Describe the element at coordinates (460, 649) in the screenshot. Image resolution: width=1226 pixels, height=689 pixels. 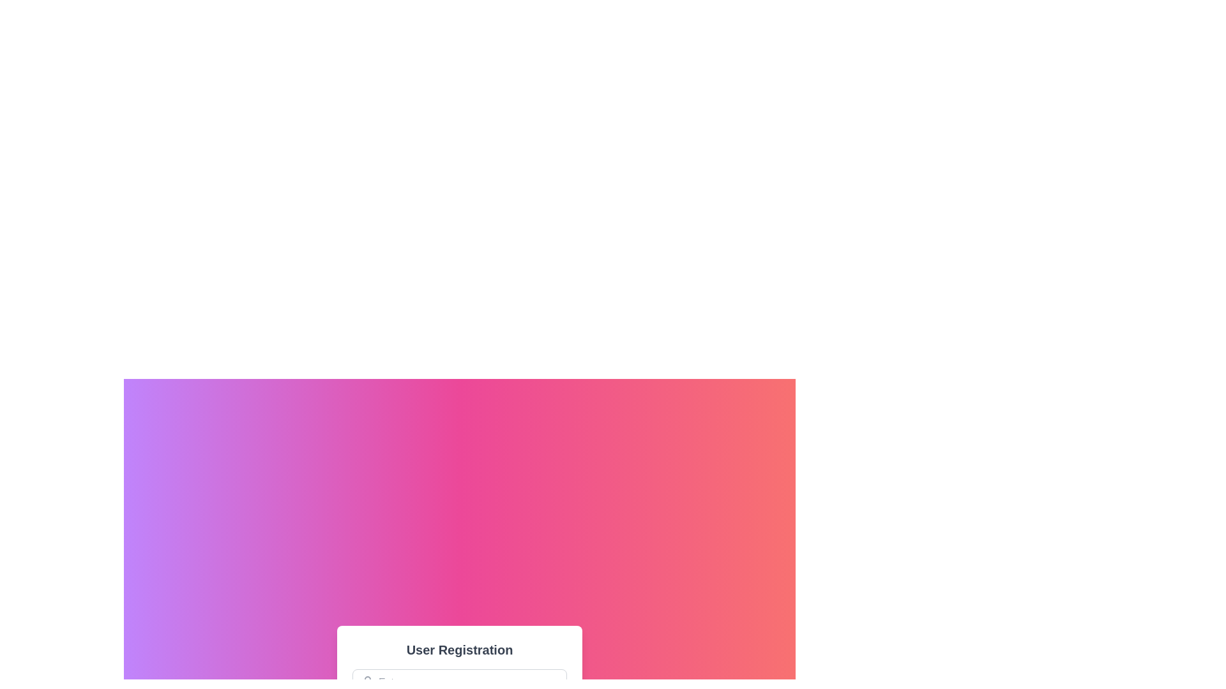
I see `header text that serves as a descriptive title for the form interface, located at the top center of a white rounded card-like area` at that location.